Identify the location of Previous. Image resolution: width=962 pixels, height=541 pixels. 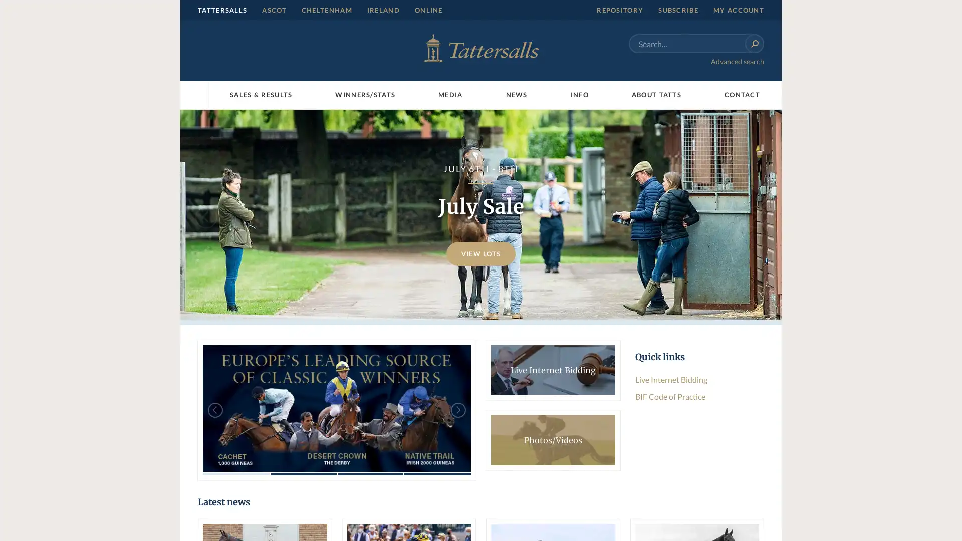
(206, 217).